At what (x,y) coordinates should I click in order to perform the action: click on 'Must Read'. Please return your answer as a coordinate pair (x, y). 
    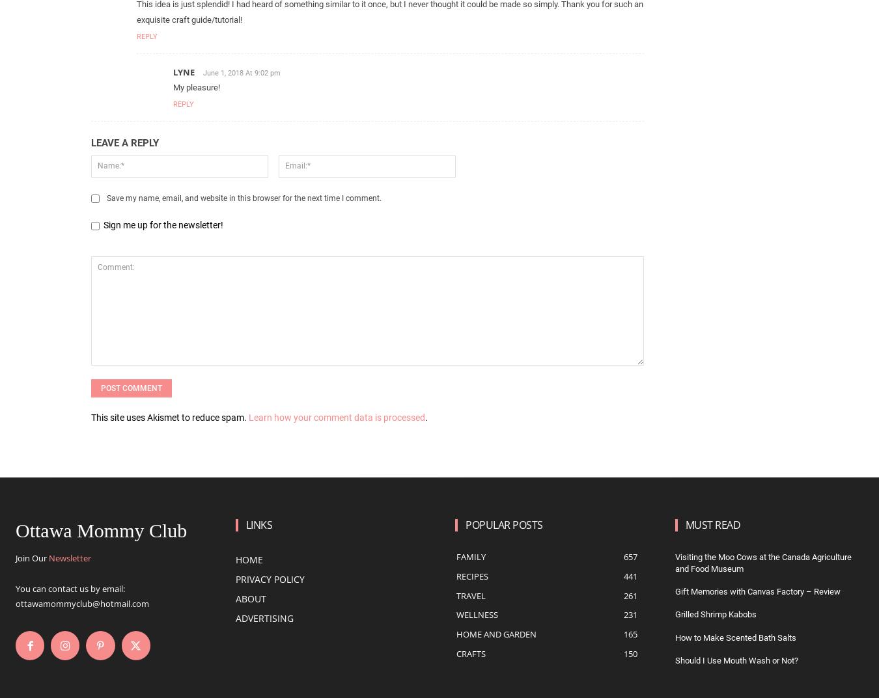
    Looking at the image, I should click on (712, 524).